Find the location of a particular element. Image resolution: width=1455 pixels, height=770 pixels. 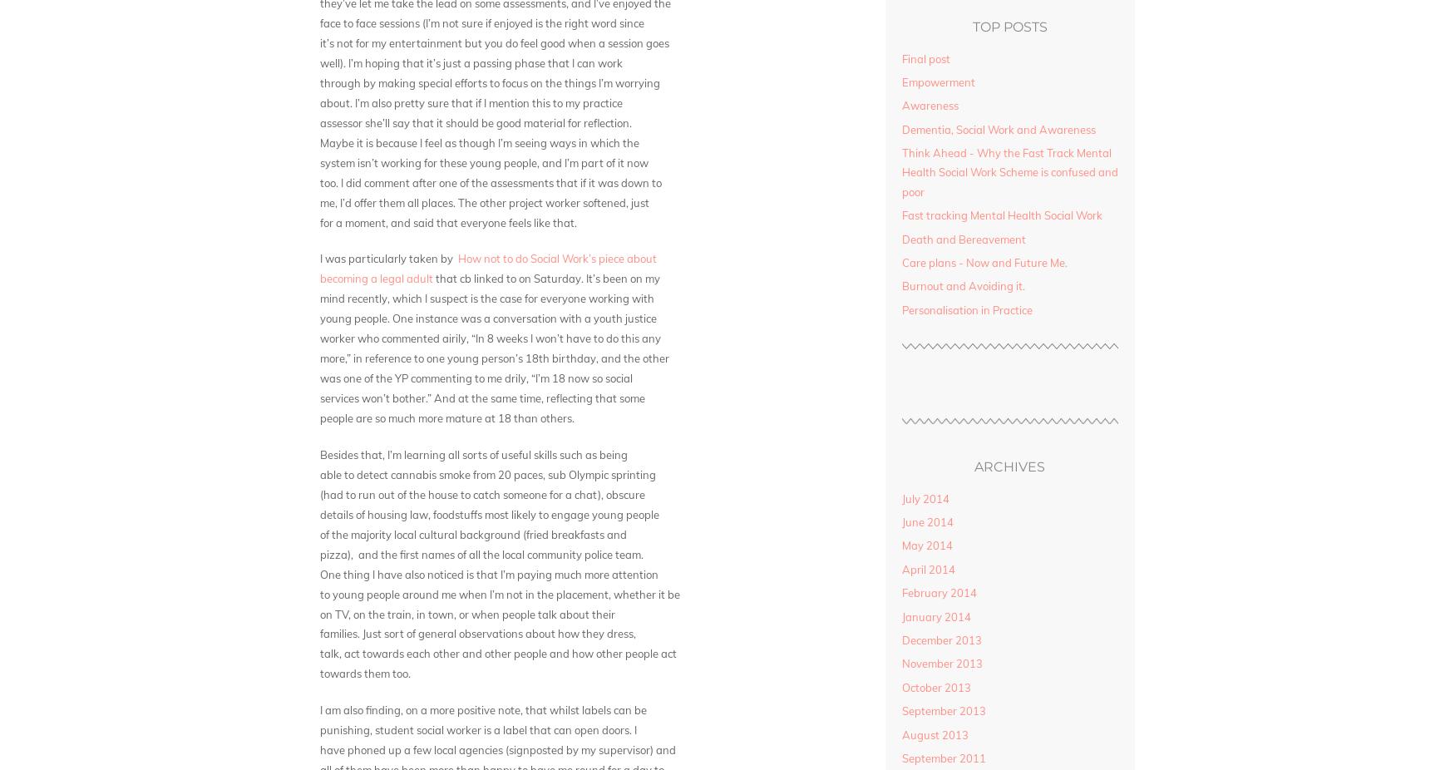

'Maybe it is because I feel as though I’m seeing ways in which the' is located at coordinates (479, 141).